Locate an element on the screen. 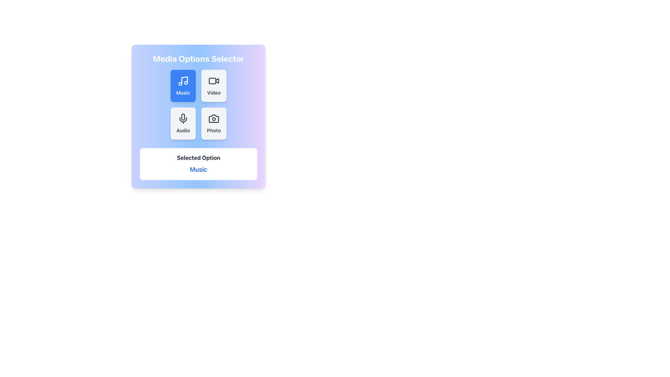 The height and width of the screenshot is (377, 670). the blue rectangular button with rounded corners labeled 'Music', located in the upper-left corner of the grid is located at coordinates (183, 86).